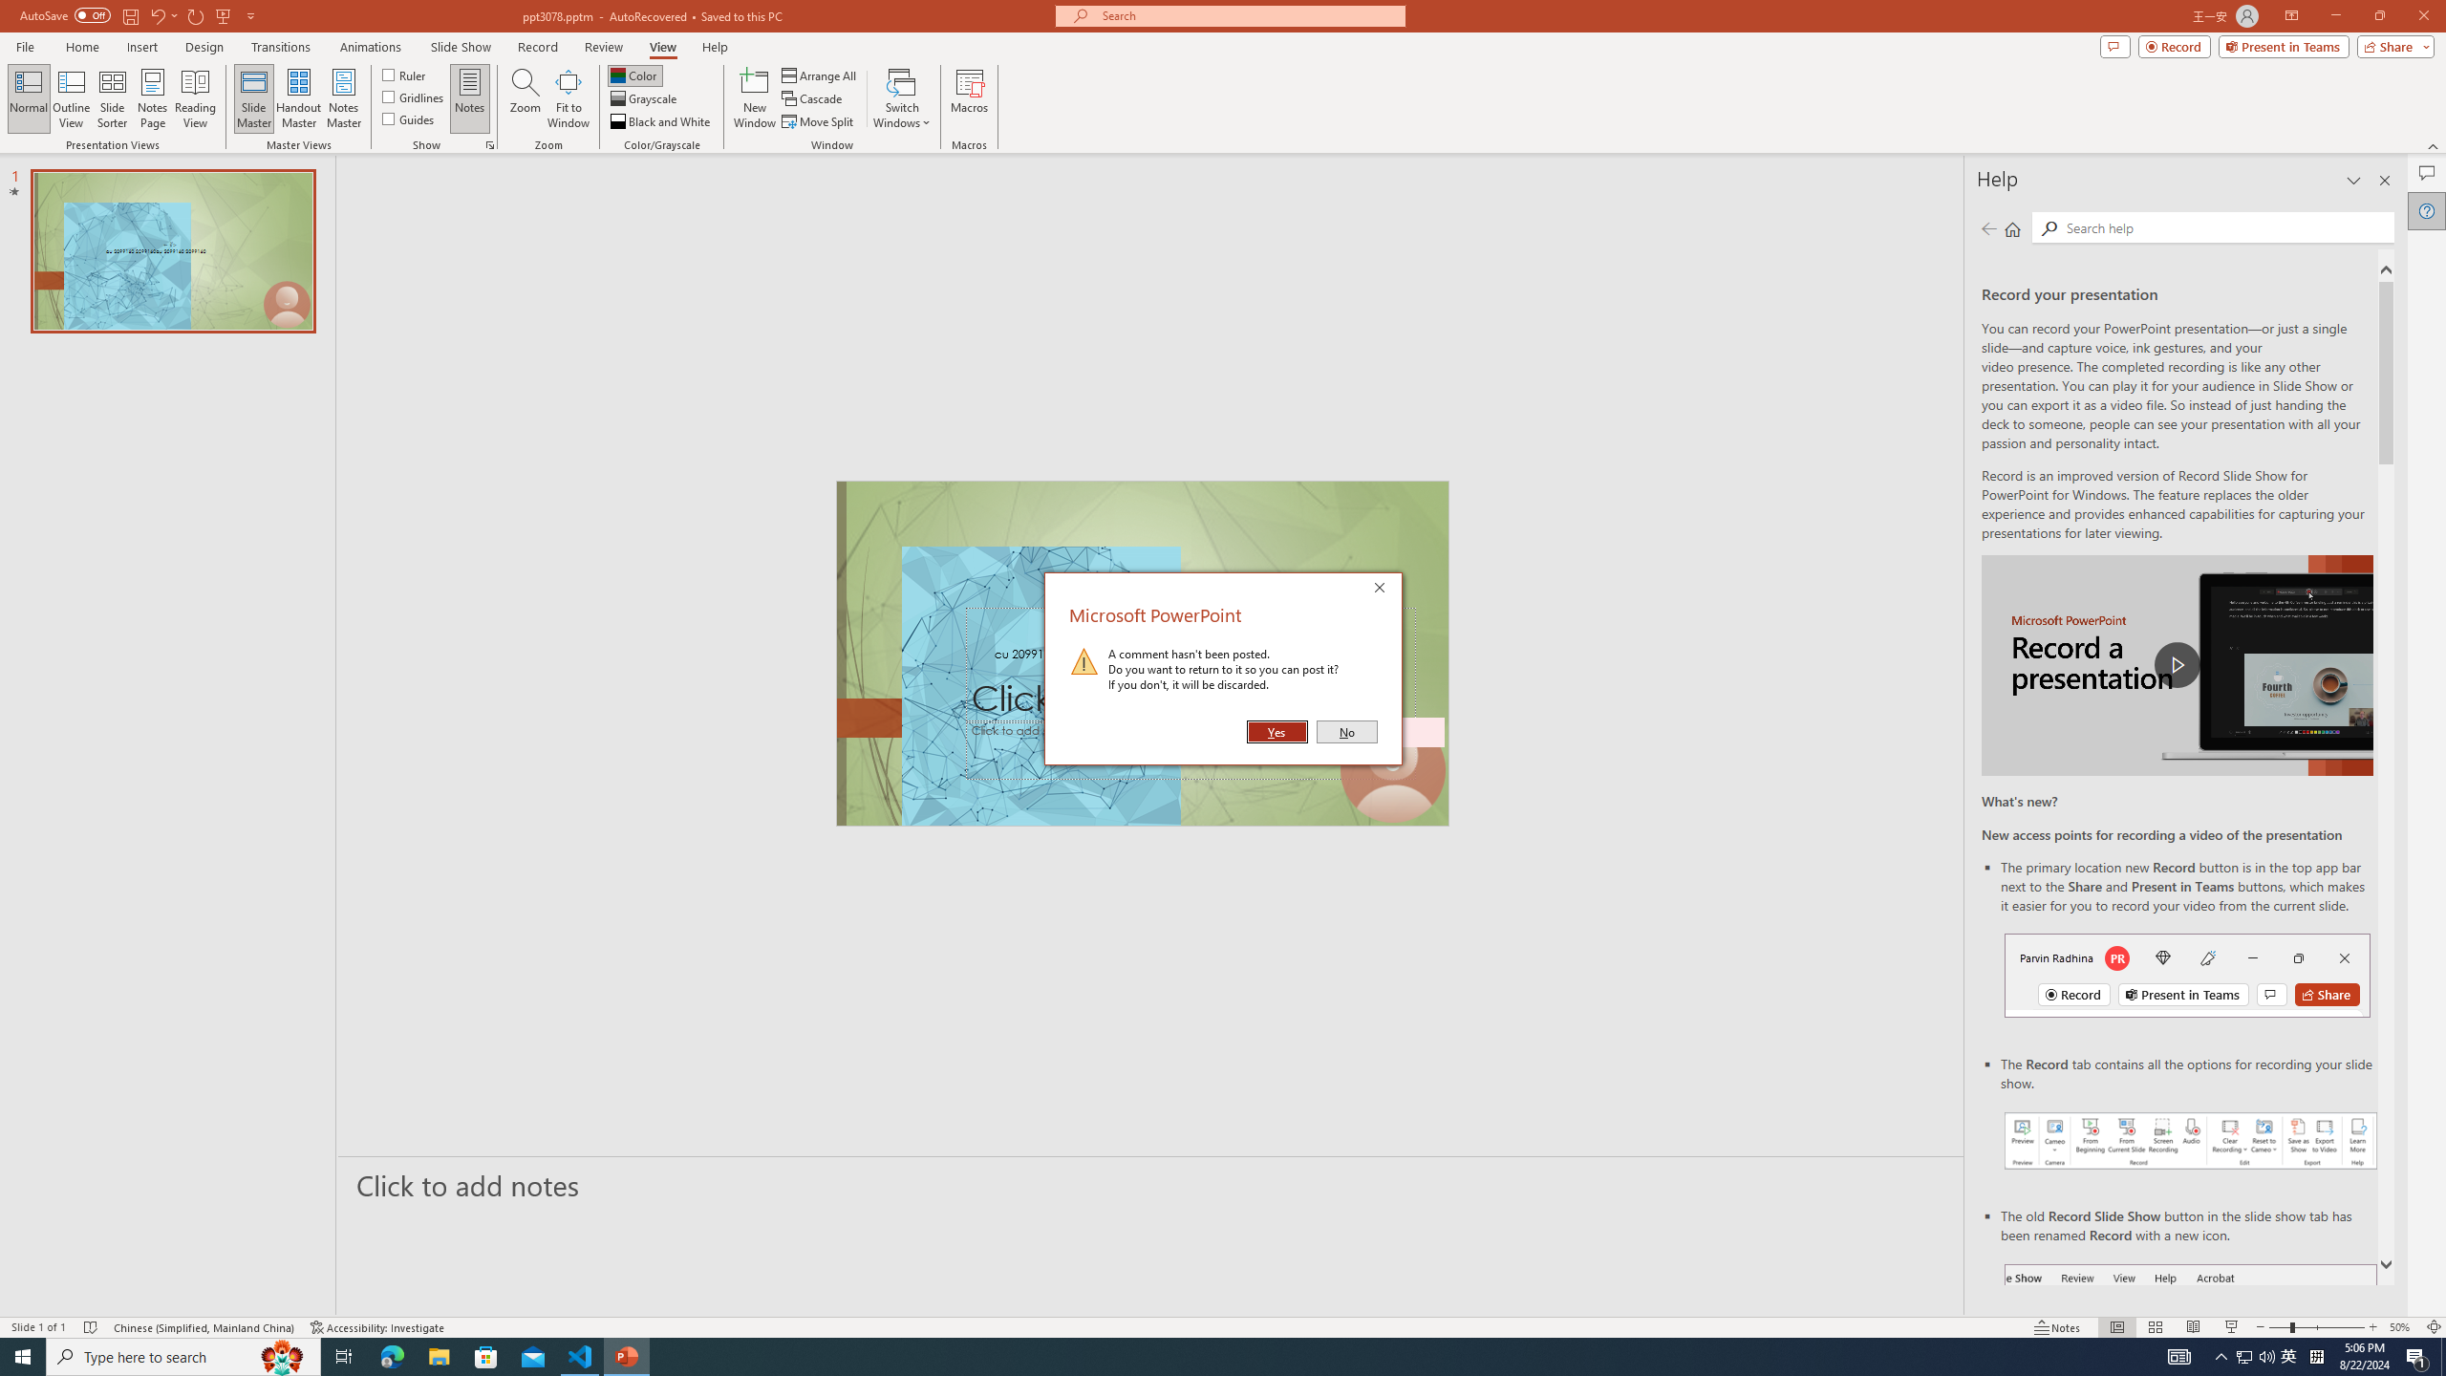  What do you see at coordinates (2186, 974) in the screenshot?
I see `'Record button in top bar'` at bounding box center [2186, 974].